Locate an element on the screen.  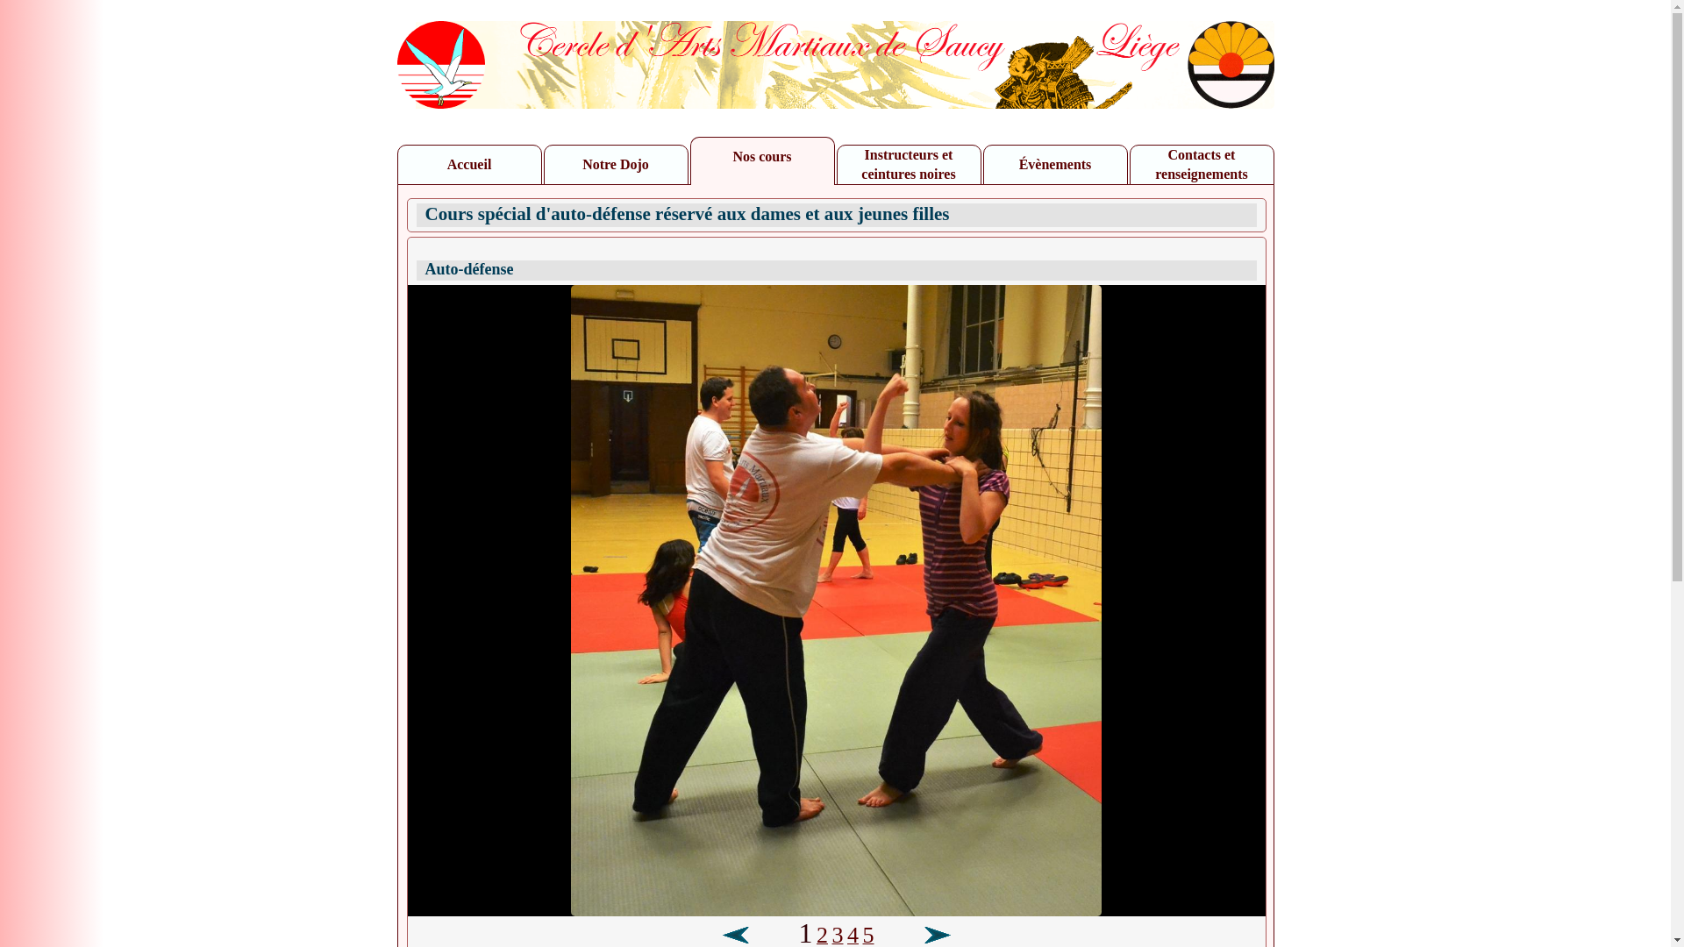
'Contacts et is located at coordinates (1200, 165).